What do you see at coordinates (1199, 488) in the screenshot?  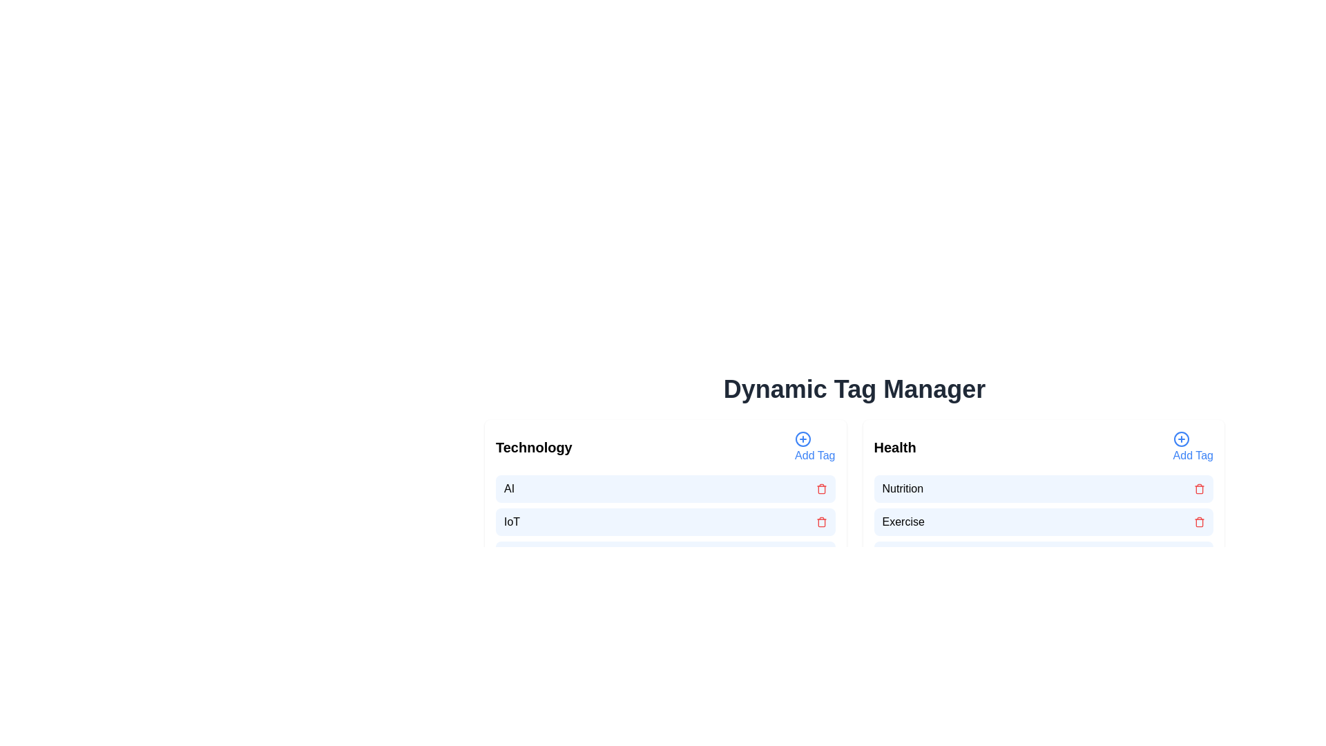 I see `the red trash can icon button located to the right of the 'Nutrition' text in the 'Health' section` at bounding box center [1199, 488].